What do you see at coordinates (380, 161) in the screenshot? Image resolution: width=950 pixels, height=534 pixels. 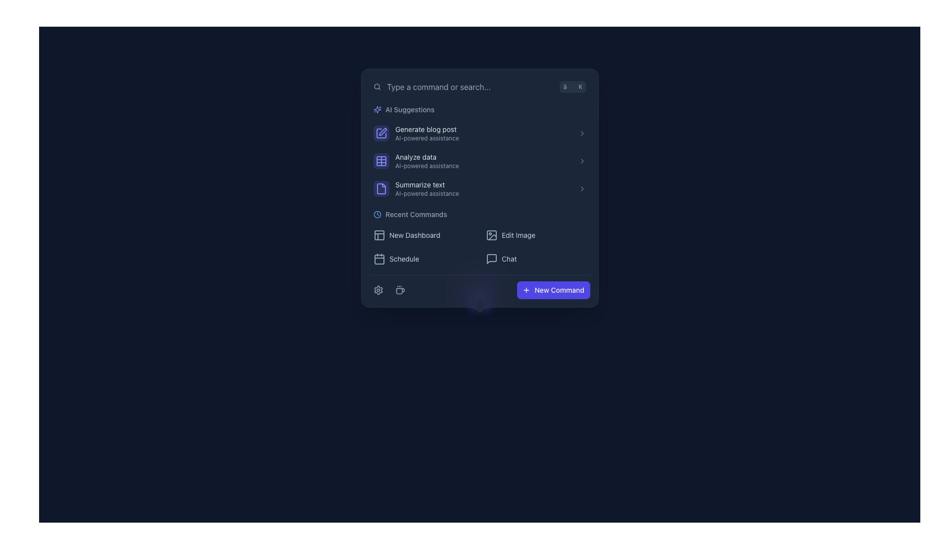 I see `the table icon with a light blue background and white grid symbol located within the 'Analyze data' section` at bounding box center [380, 161].